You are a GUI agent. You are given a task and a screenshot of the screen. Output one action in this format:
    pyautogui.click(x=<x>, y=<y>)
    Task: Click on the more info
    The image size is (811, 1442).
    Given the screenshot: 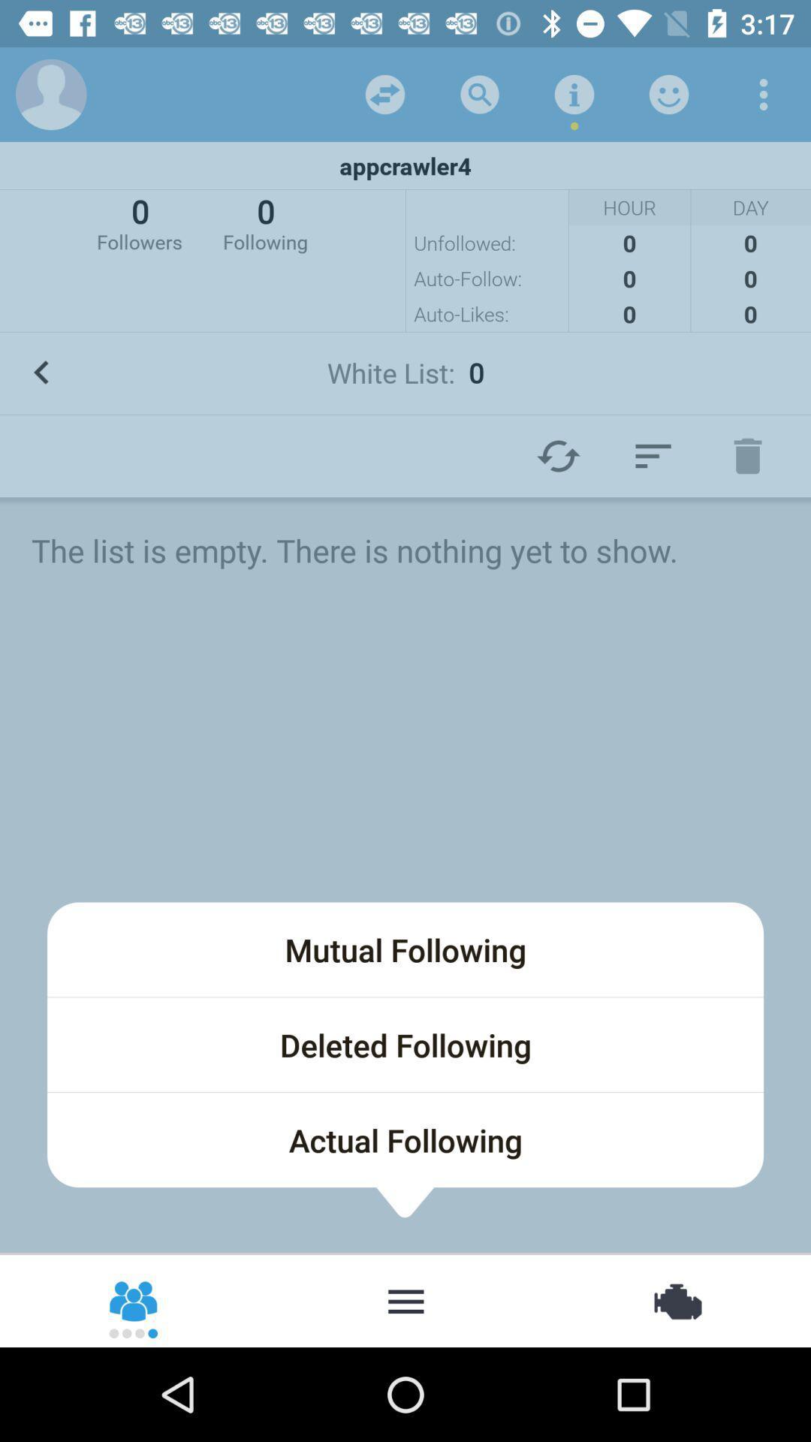 What is the action you would take?
    pyautogui.click(x=574, y=93)
    